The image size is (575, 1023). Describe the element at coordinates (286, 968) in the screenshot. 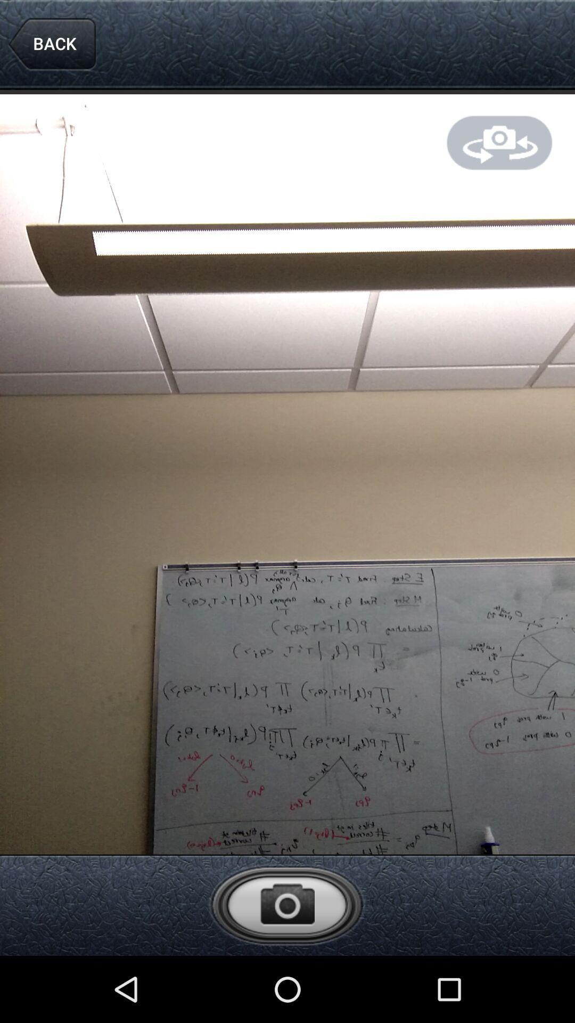

I see `the photo icon` at that location.